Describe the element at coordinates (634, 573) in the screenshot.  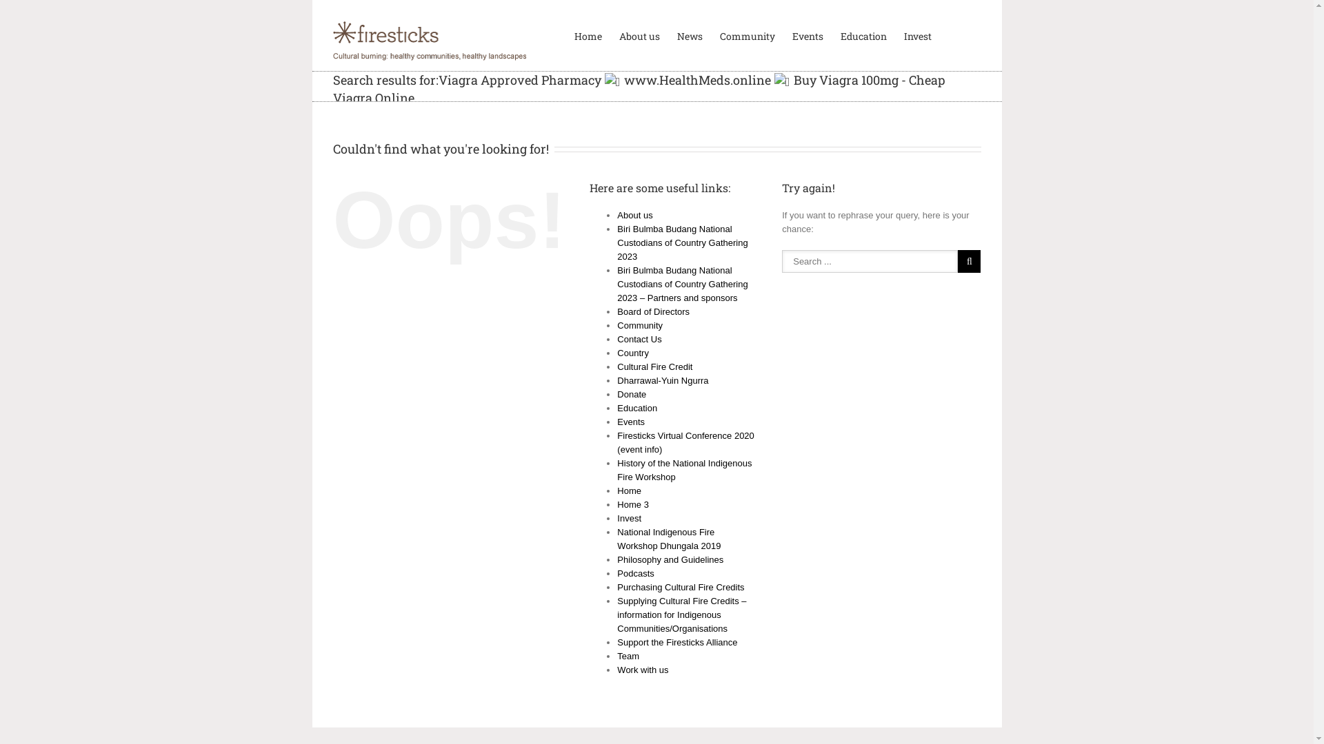
I see `'Podcasts'` at that location.